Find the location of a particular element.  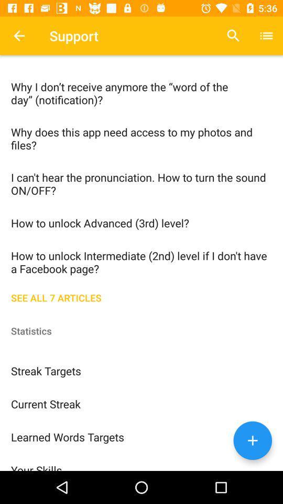

current streak item is located at coordinates (141, 403).